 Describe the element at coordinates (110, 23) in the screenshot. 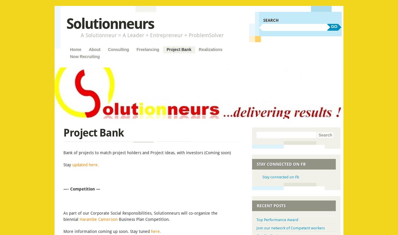

I see `'Solutionneurs'` at that location.